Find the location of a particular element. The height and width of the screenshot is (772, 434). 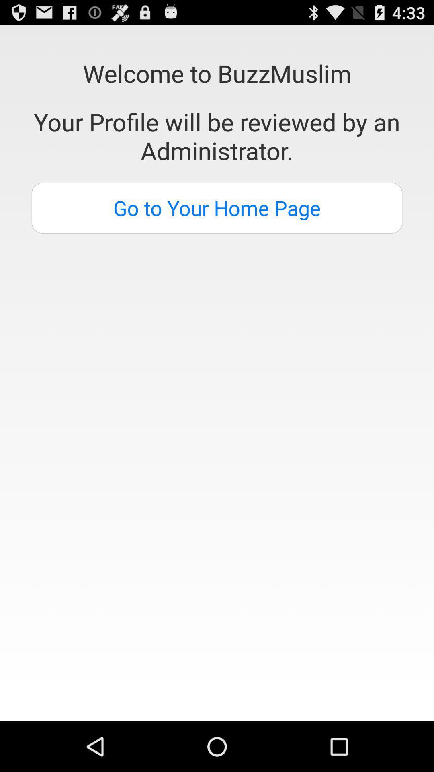

app below the your profile will icon is located at coordinates (217, 208).